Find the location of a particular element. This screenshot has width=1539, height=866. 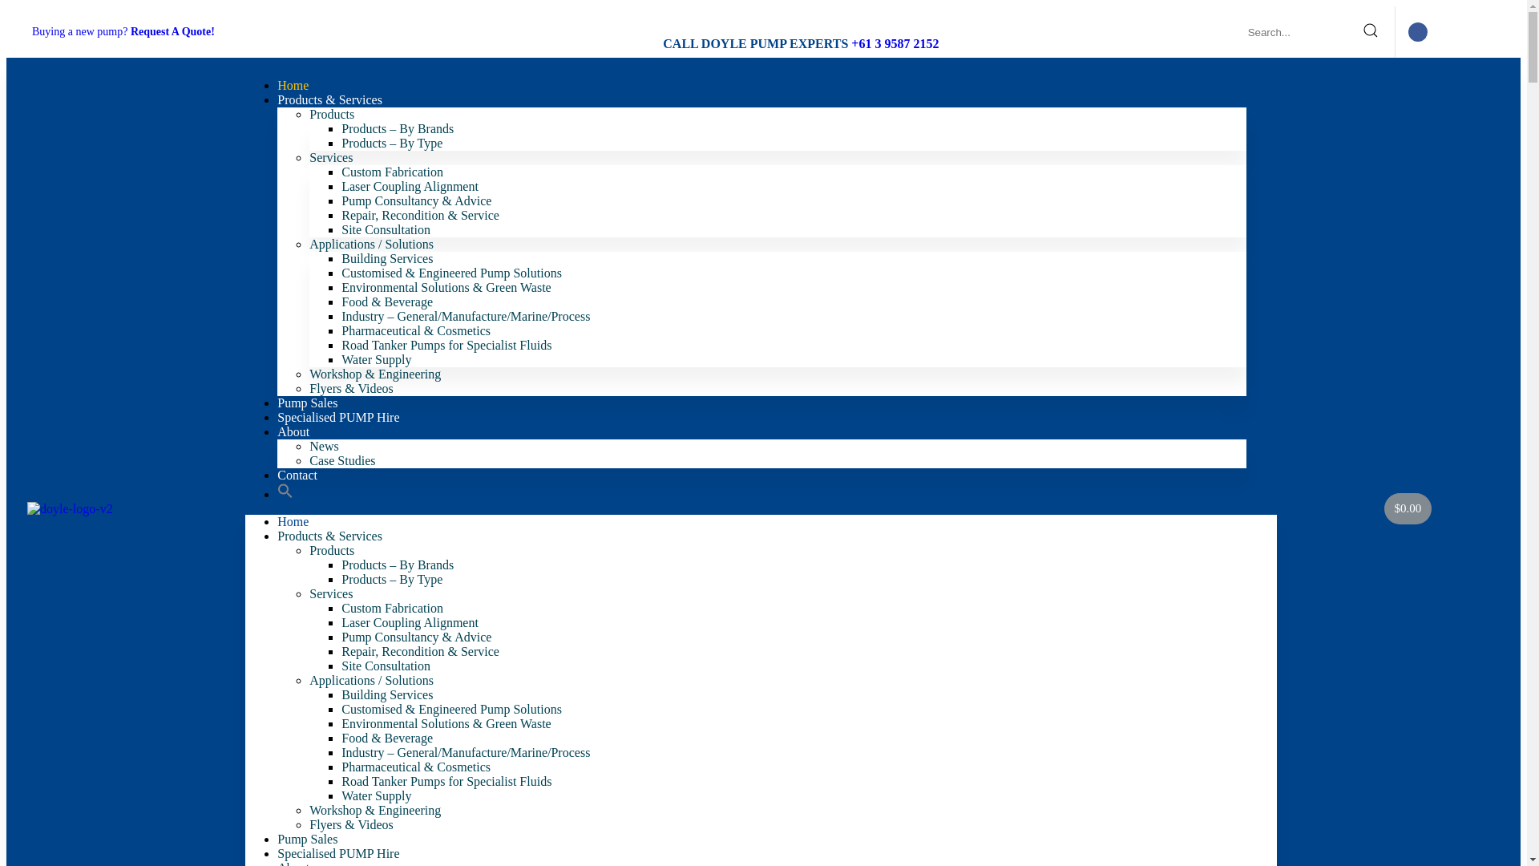

'Environmental Solutions & Green Waste' is located at coordinates (446, 723).